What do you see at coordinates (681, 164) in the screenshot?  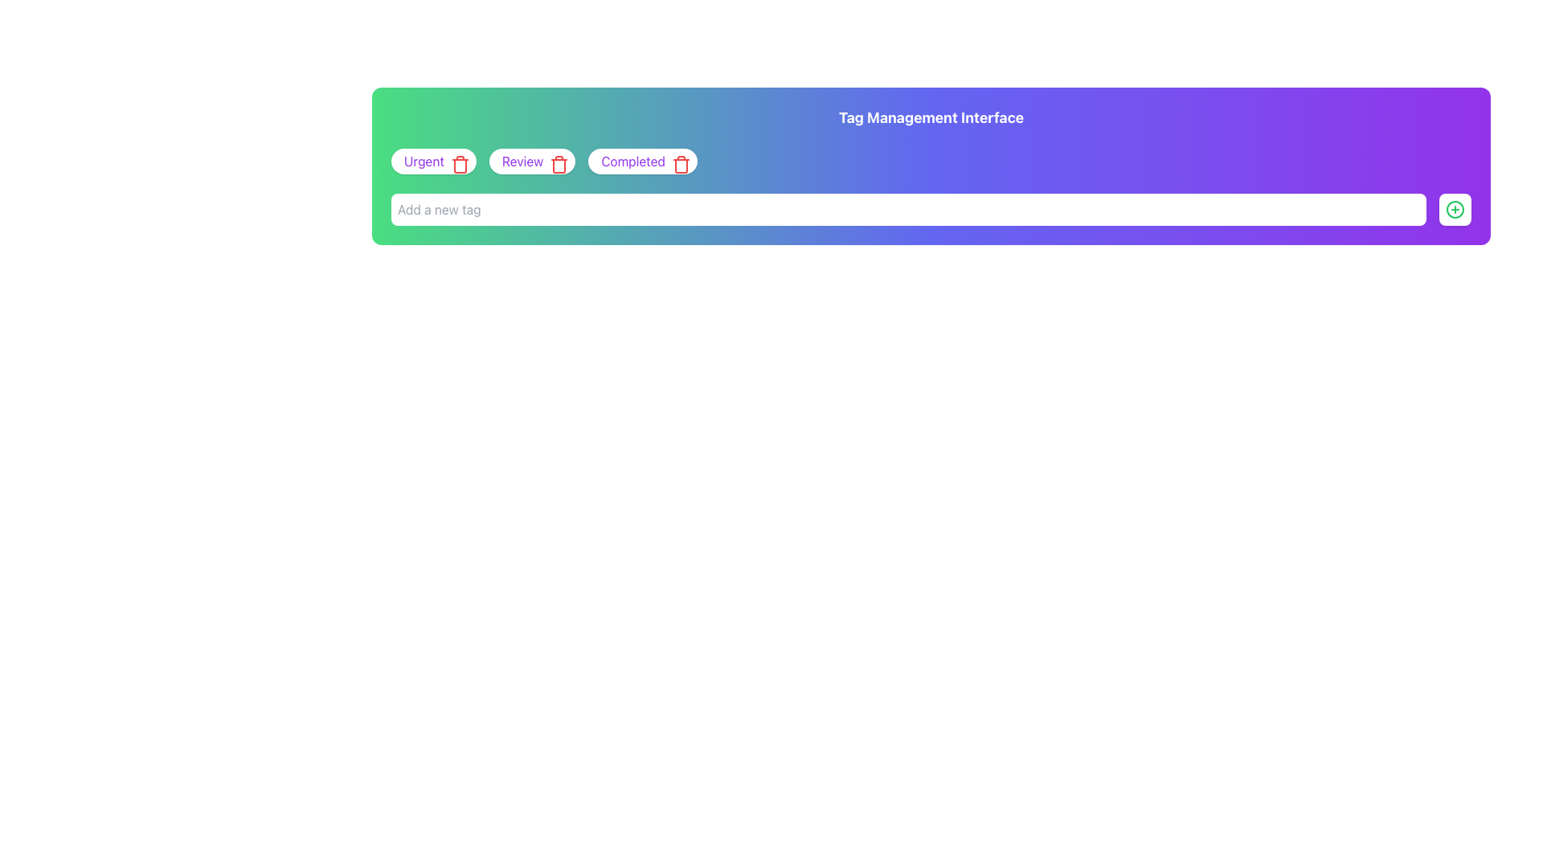 I see `the delete icon button for the 'Completed' tag located on the rightmost side of the tag group` at bounding box center [681, 164].